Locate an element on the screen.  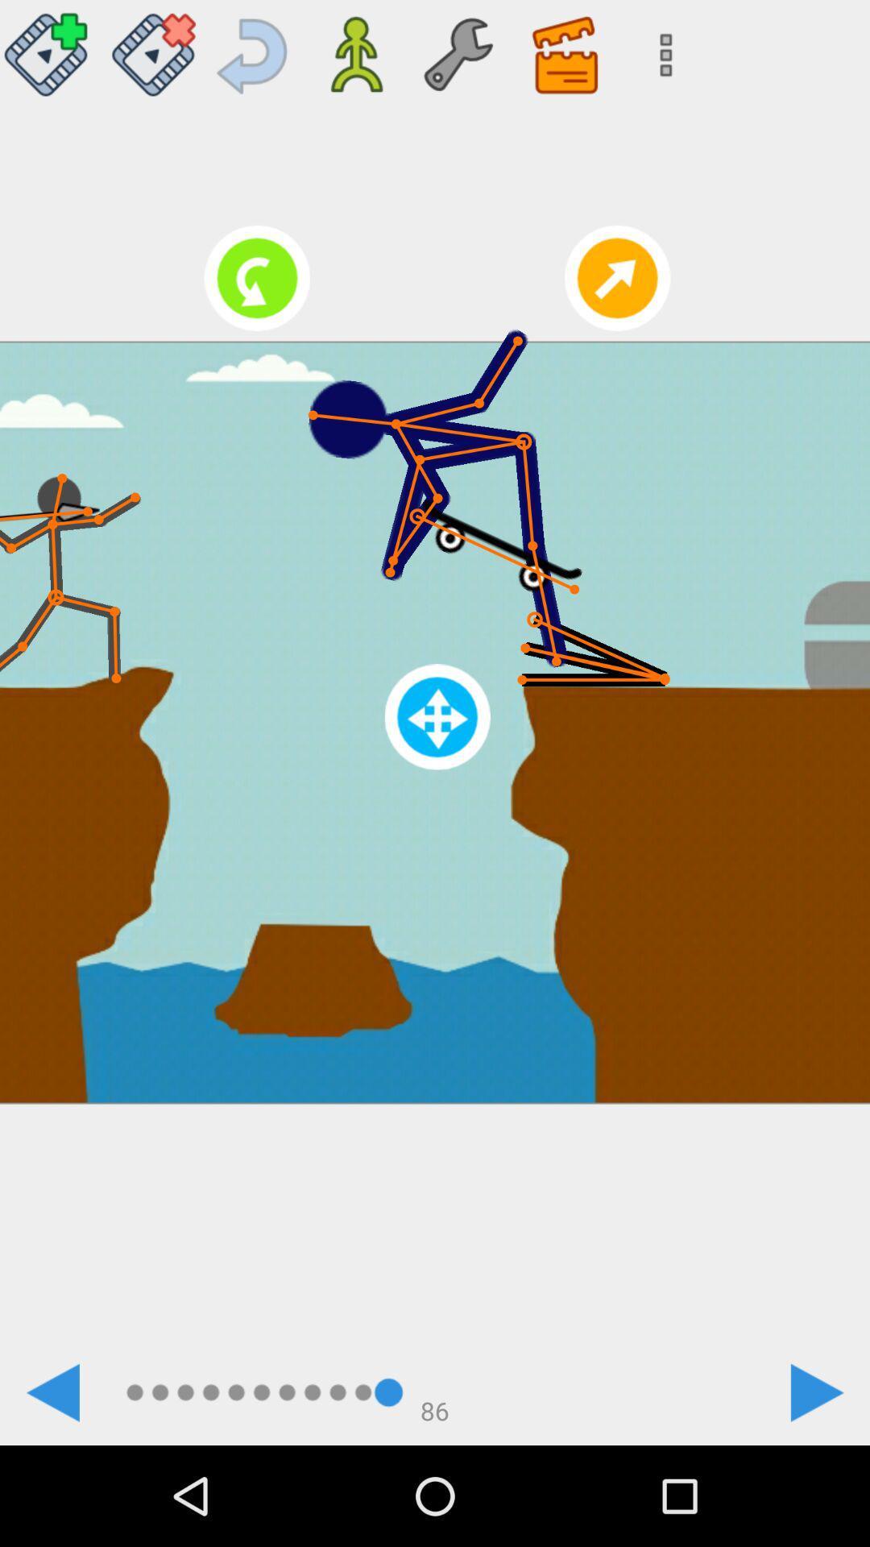
the icon at the bottom left corner is located at coordinates (52, 1391).